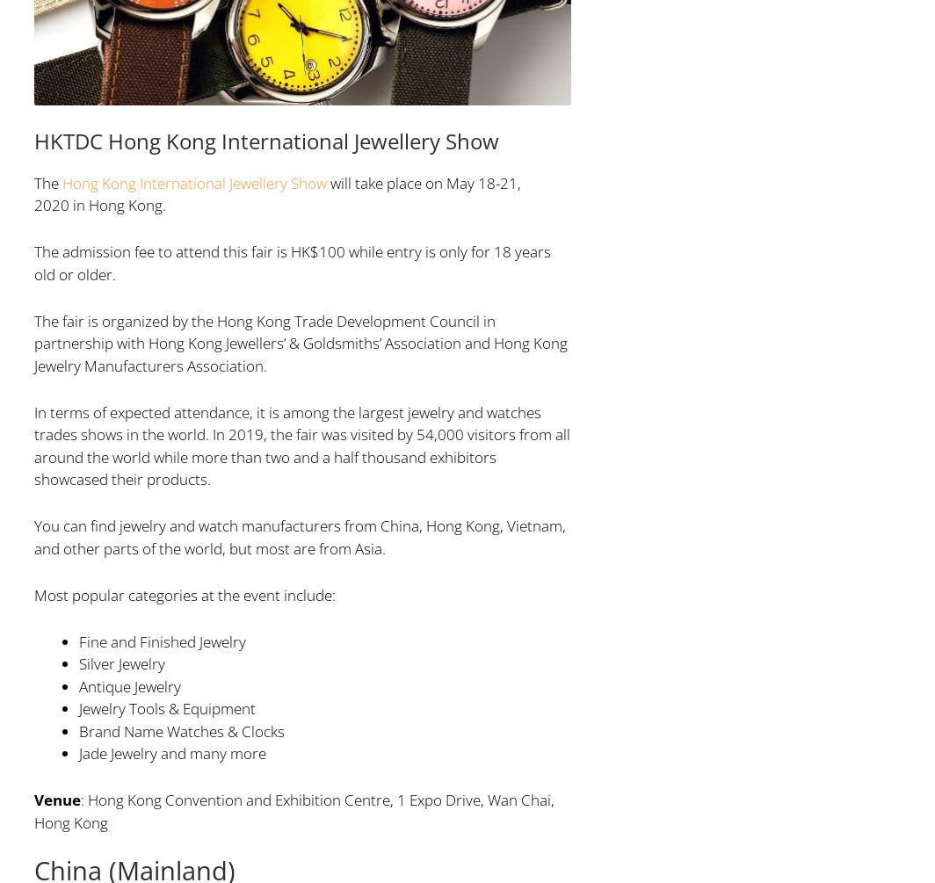 Image resolution: width=935 pixels, height=883 pixels. Describe the element at coordinates (166, 708) in the screenshot. I see `'Jewelry Tools & Equipment'` at that location.